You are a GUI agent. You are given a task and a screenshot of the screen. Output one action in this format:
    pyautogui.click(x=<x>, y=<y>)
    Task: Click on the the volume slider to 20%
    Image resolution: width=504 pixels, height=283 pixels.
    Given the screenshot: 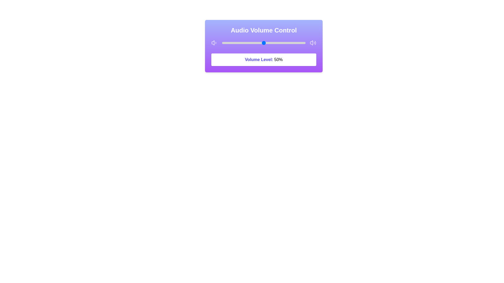 What is the action you would take?
    pyautogui.click(x=238, y=43)
    